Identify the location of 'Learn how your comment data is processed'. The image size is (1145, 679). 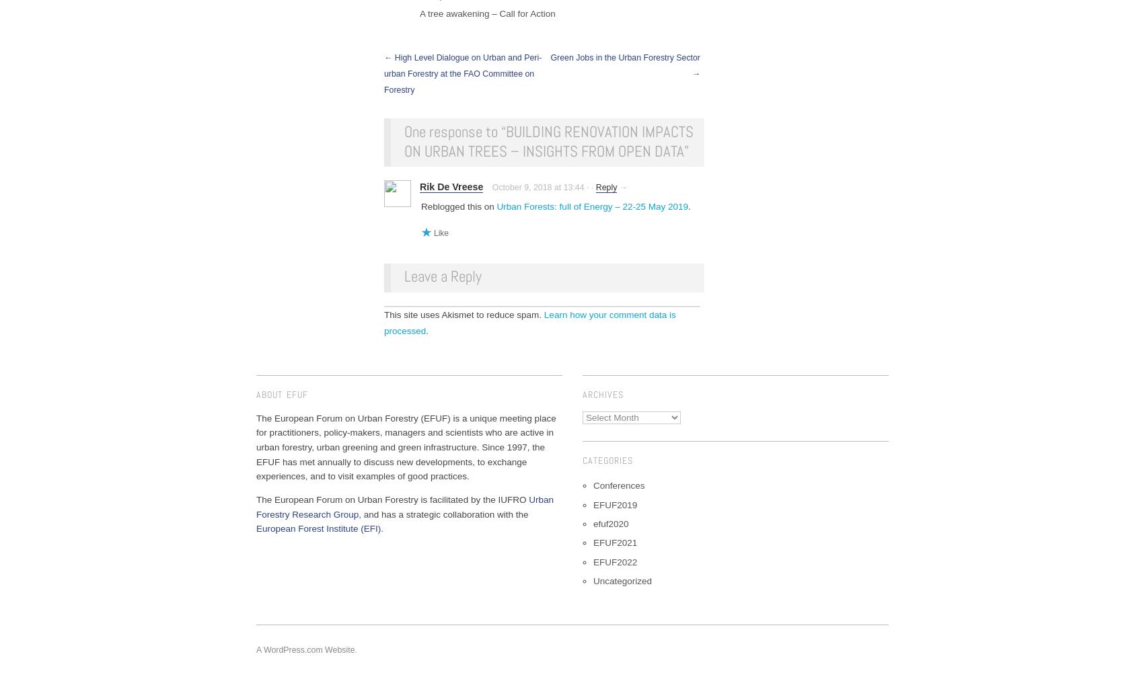
(529, 323).